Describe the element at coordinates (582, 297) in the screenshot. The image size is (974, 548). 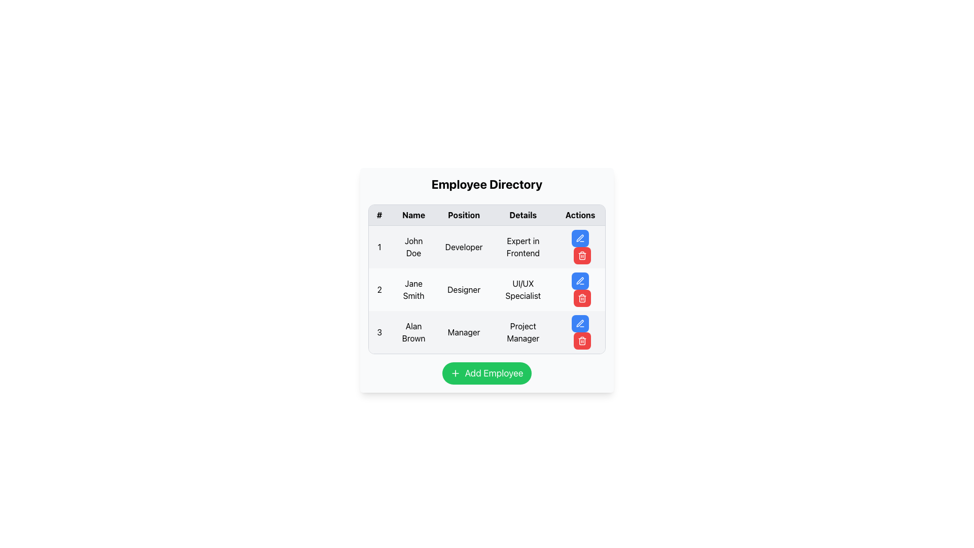
I see `the small red trash can icon button in the 'Actions' column of the 'Employee Directory' table` at that location.